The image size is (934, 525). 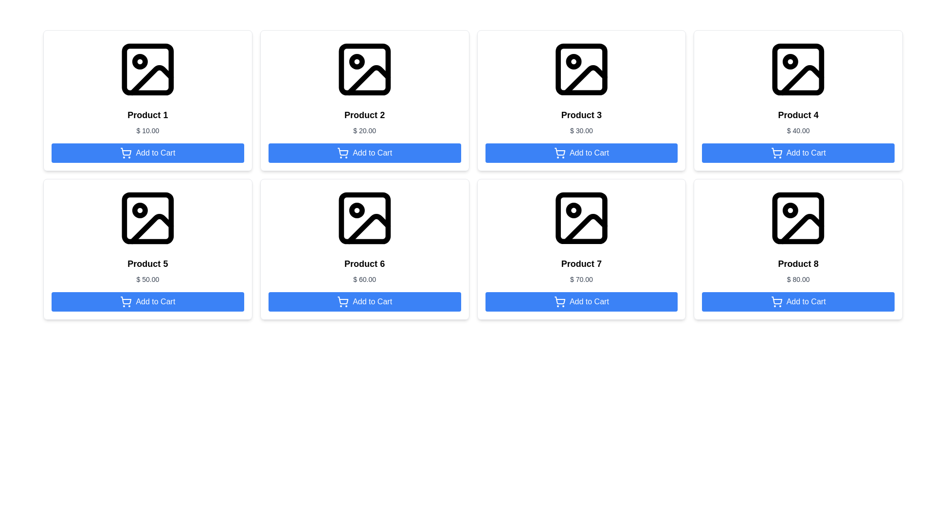 What do you see at coordinates (581, 114) in the screenshot?
I see `the text label that reads 'Product 3', which is styled with a bold font and is positioned above the '$30.00' price and the 'Add to Cart' button in the product card layout` at bounding box center [581, 114].